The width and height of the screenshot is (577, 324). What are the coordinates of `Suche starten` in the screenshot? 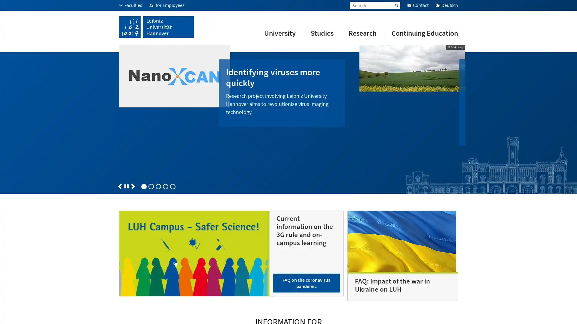 It's located at (397, 5).